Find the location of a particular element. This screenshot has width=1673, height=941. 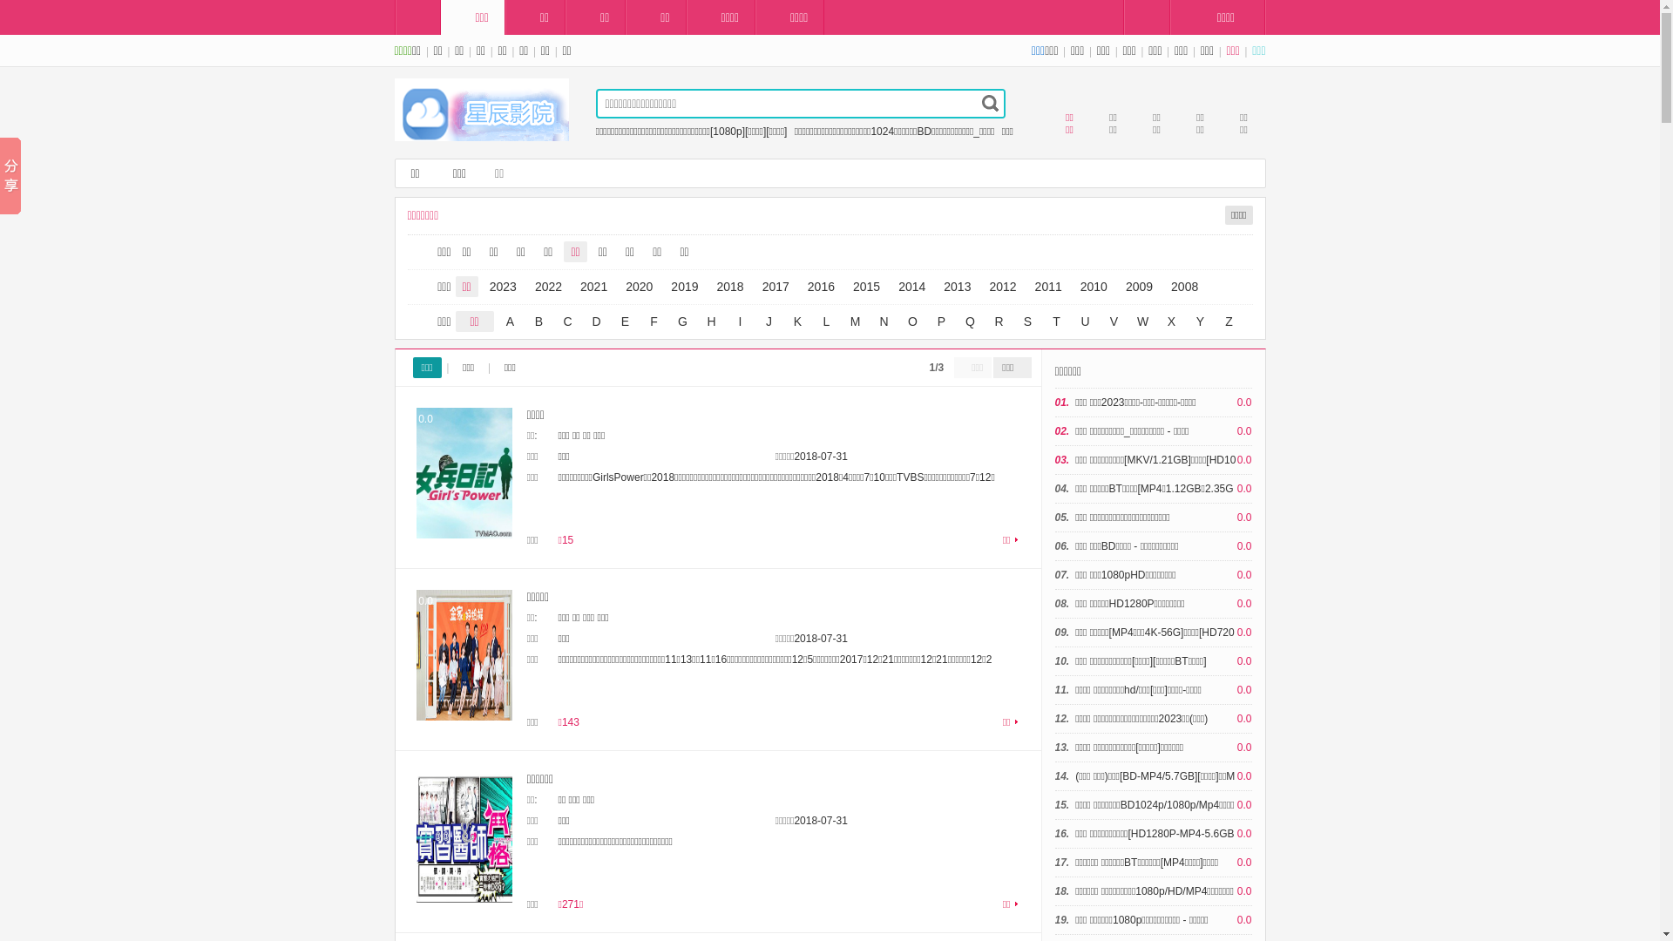

'2017' is located at coordinates (775, 285).